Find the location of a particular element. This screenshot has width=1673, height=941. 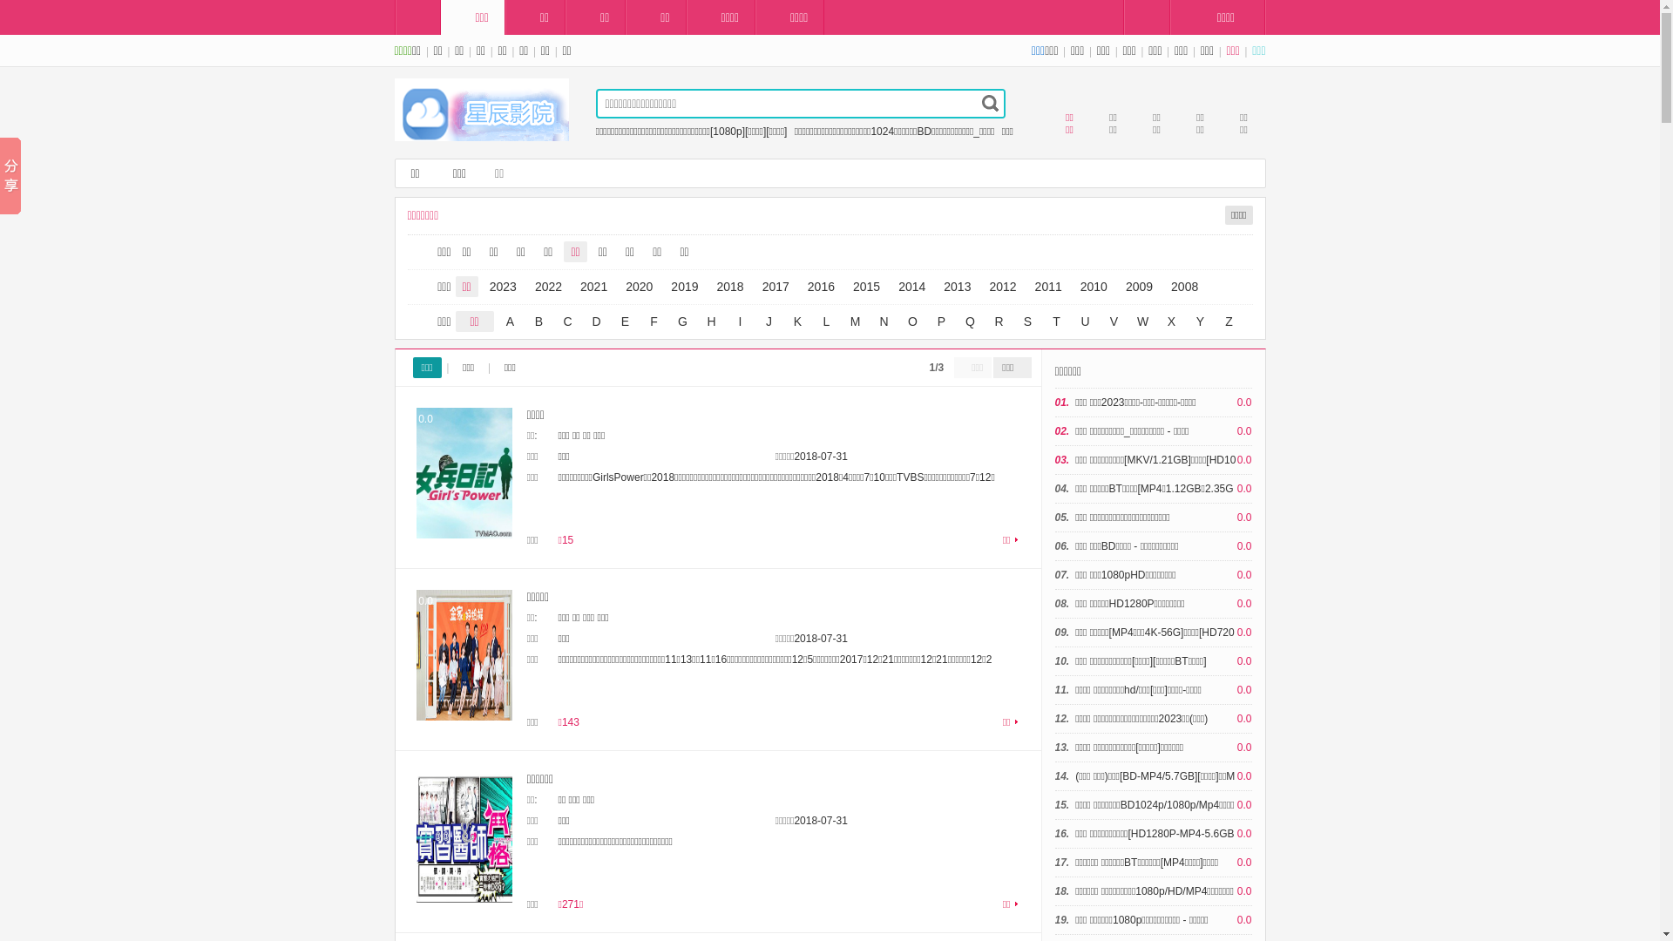

'2017' is located at coordinates (775, 285).